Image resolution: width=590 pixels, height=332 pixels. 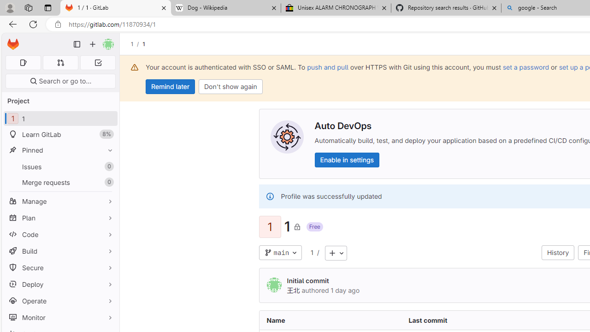 I want to click on 'Primary navigation sidebar', so click(x=77, y=44).